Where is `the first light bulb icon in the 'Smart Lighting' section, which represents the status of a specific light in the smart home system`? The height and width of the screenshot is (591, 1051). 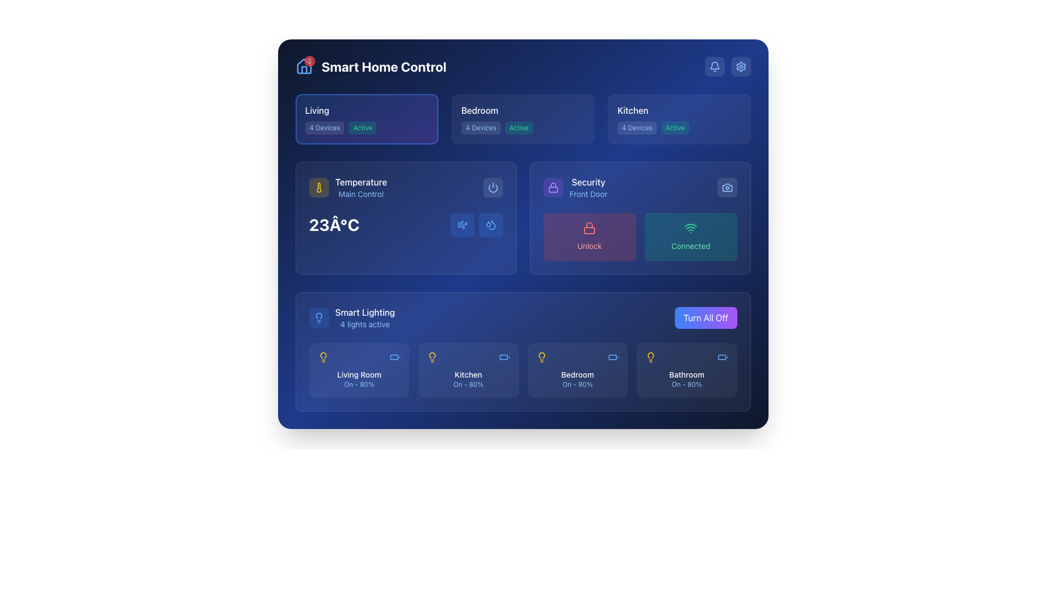
the first light bulb icon in the 'Smart Lighting' section, which represents the status of a specific light in the smart home system is located at coordinates (322, 357).